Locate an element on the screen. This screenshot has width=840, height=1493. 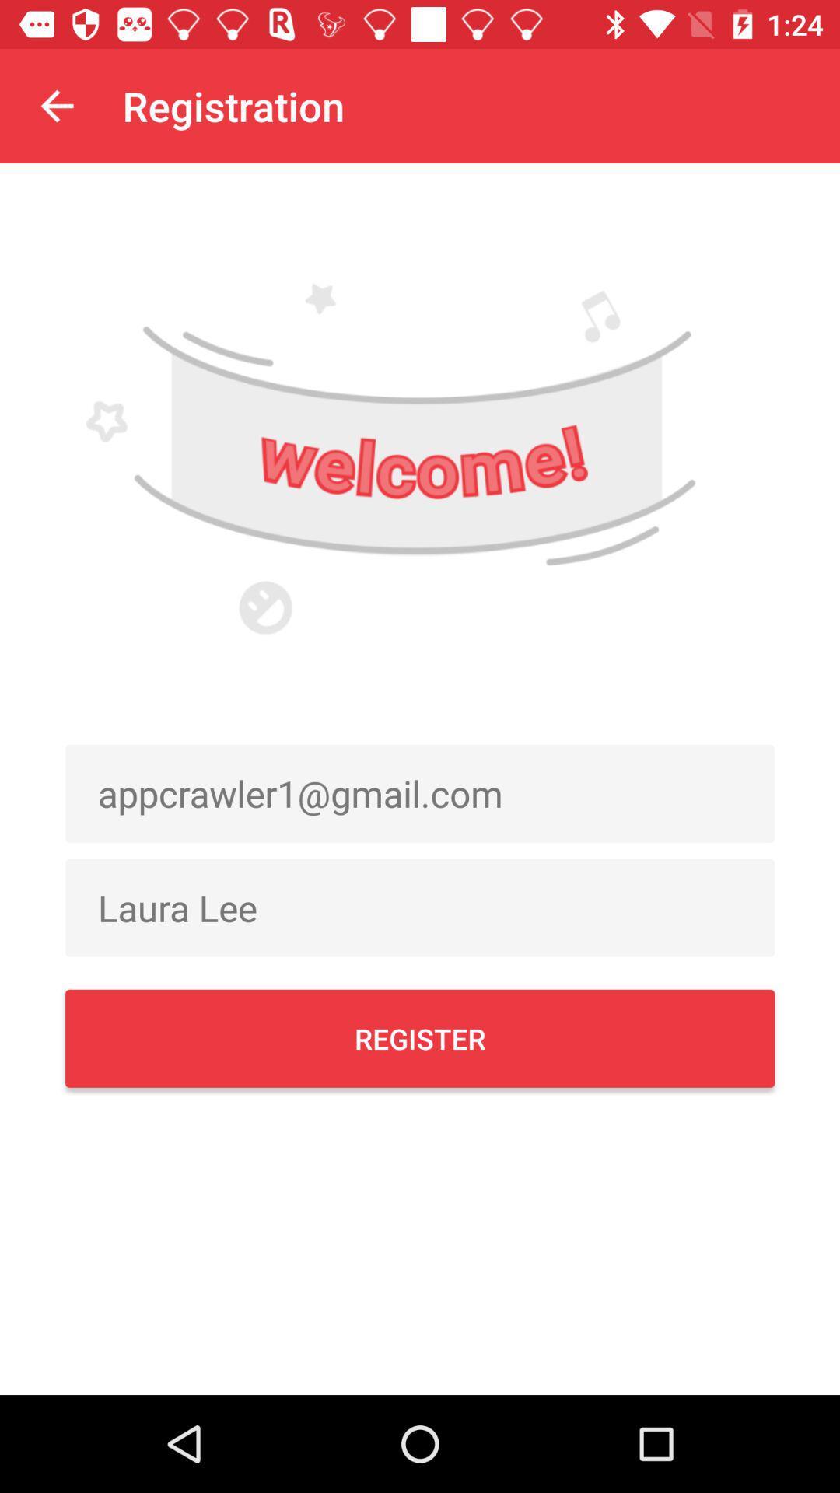
register is located at coordinates (420, 1038).